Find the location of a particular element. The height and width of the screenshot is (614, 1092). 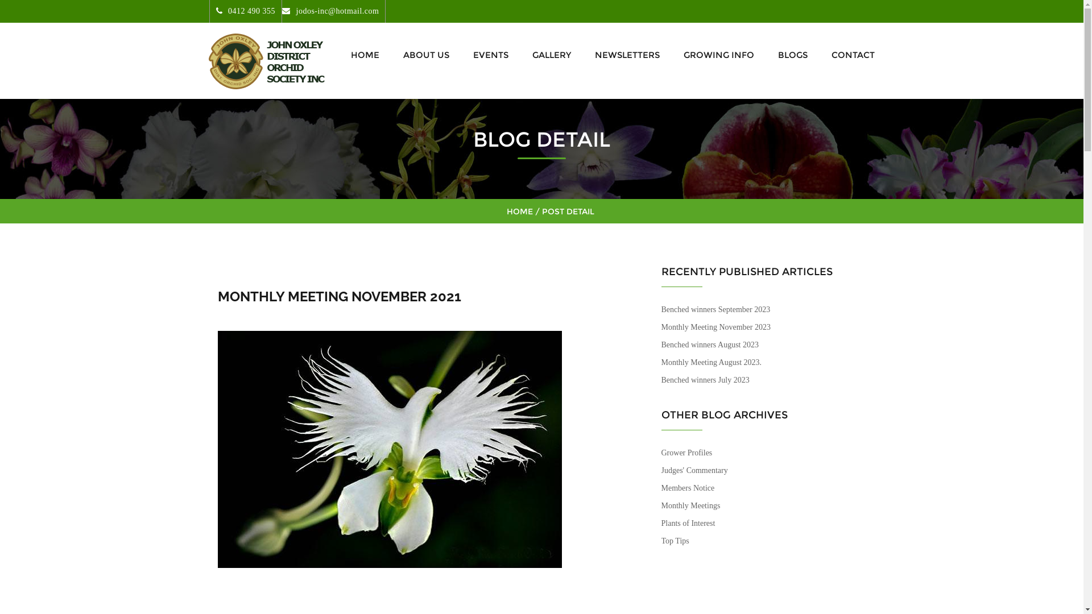

'ABOUT US' is located at coordinates (396, 55).